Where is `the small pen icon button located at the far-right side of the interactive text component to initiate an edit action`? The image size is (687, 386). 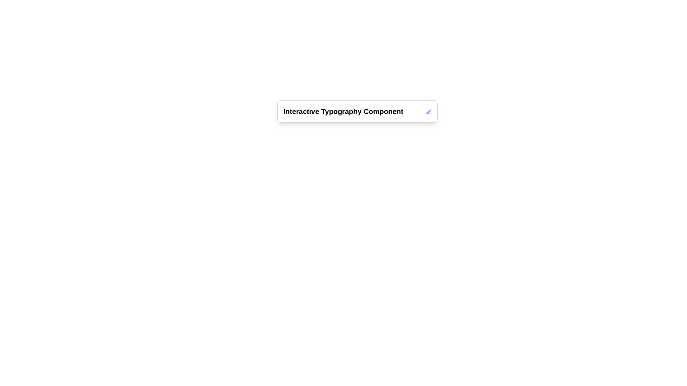
the small pen icon button located at the far-right side of the interactive text component to initiate an edit action is located at coordinates (429, 112).